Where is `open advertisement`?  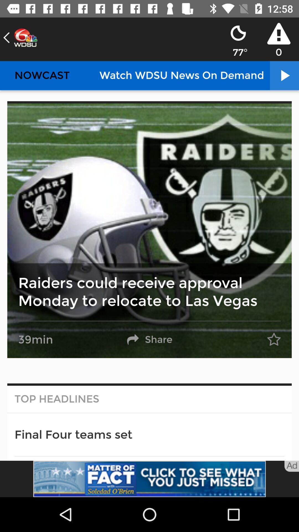 open advertisement is located at coordinates (149, 479).